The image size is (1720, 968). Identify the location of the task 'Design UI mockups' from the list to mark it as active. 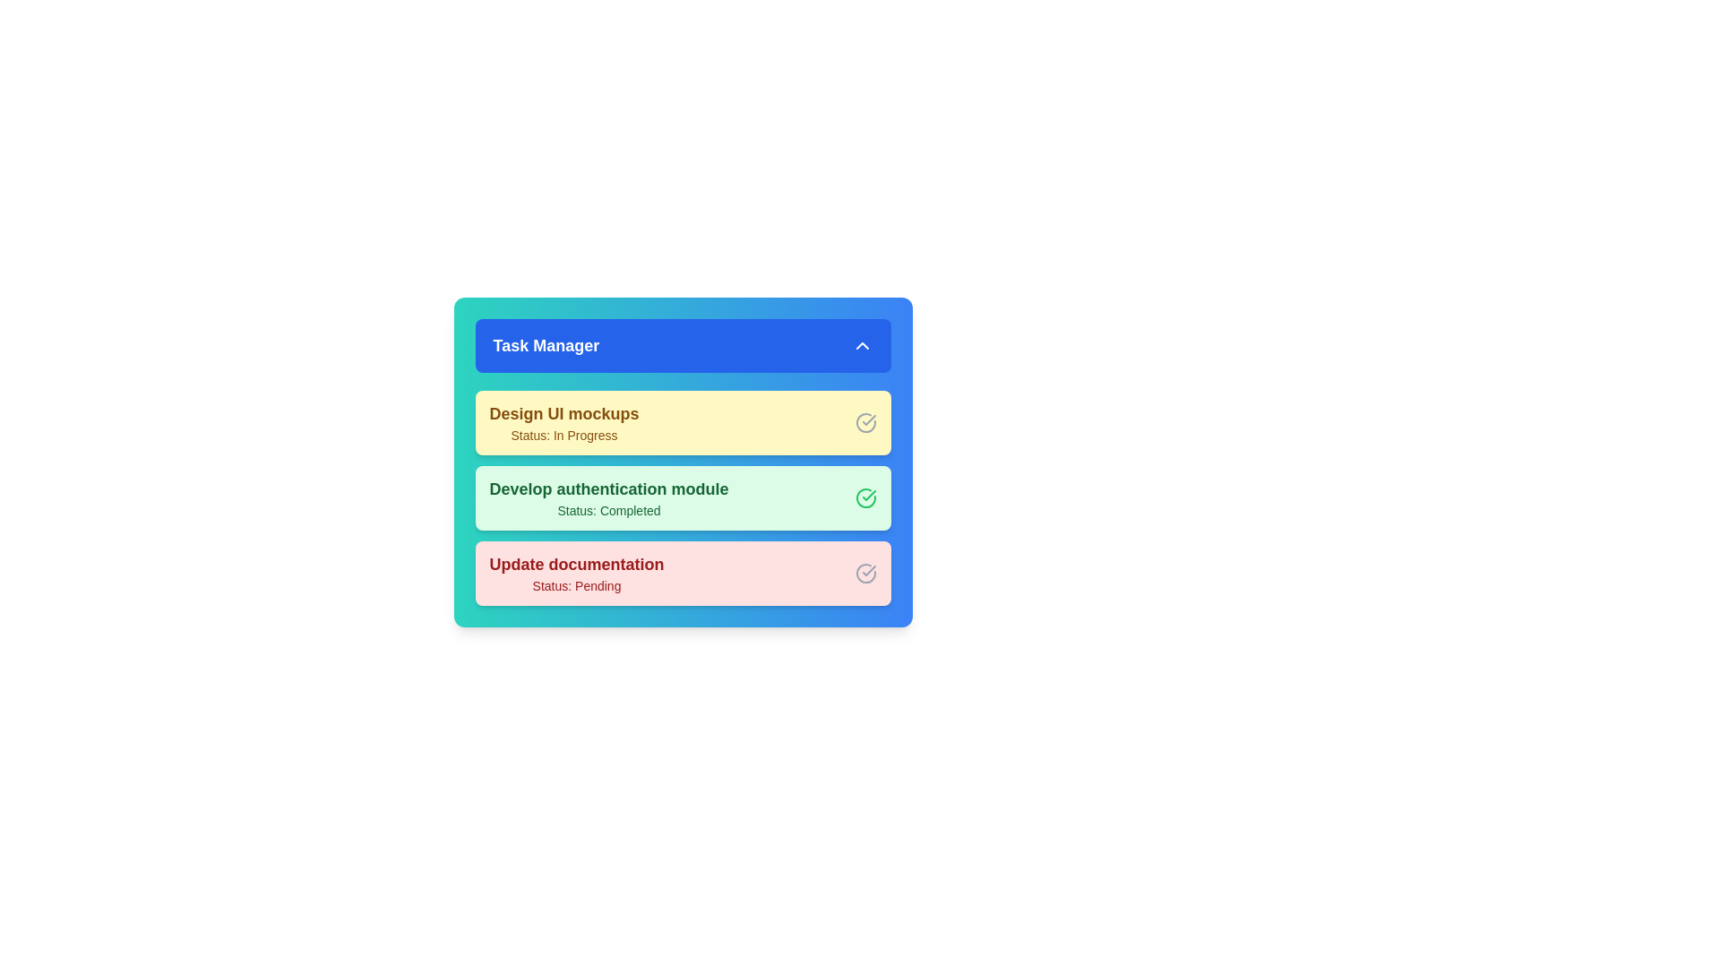
(563, 422).